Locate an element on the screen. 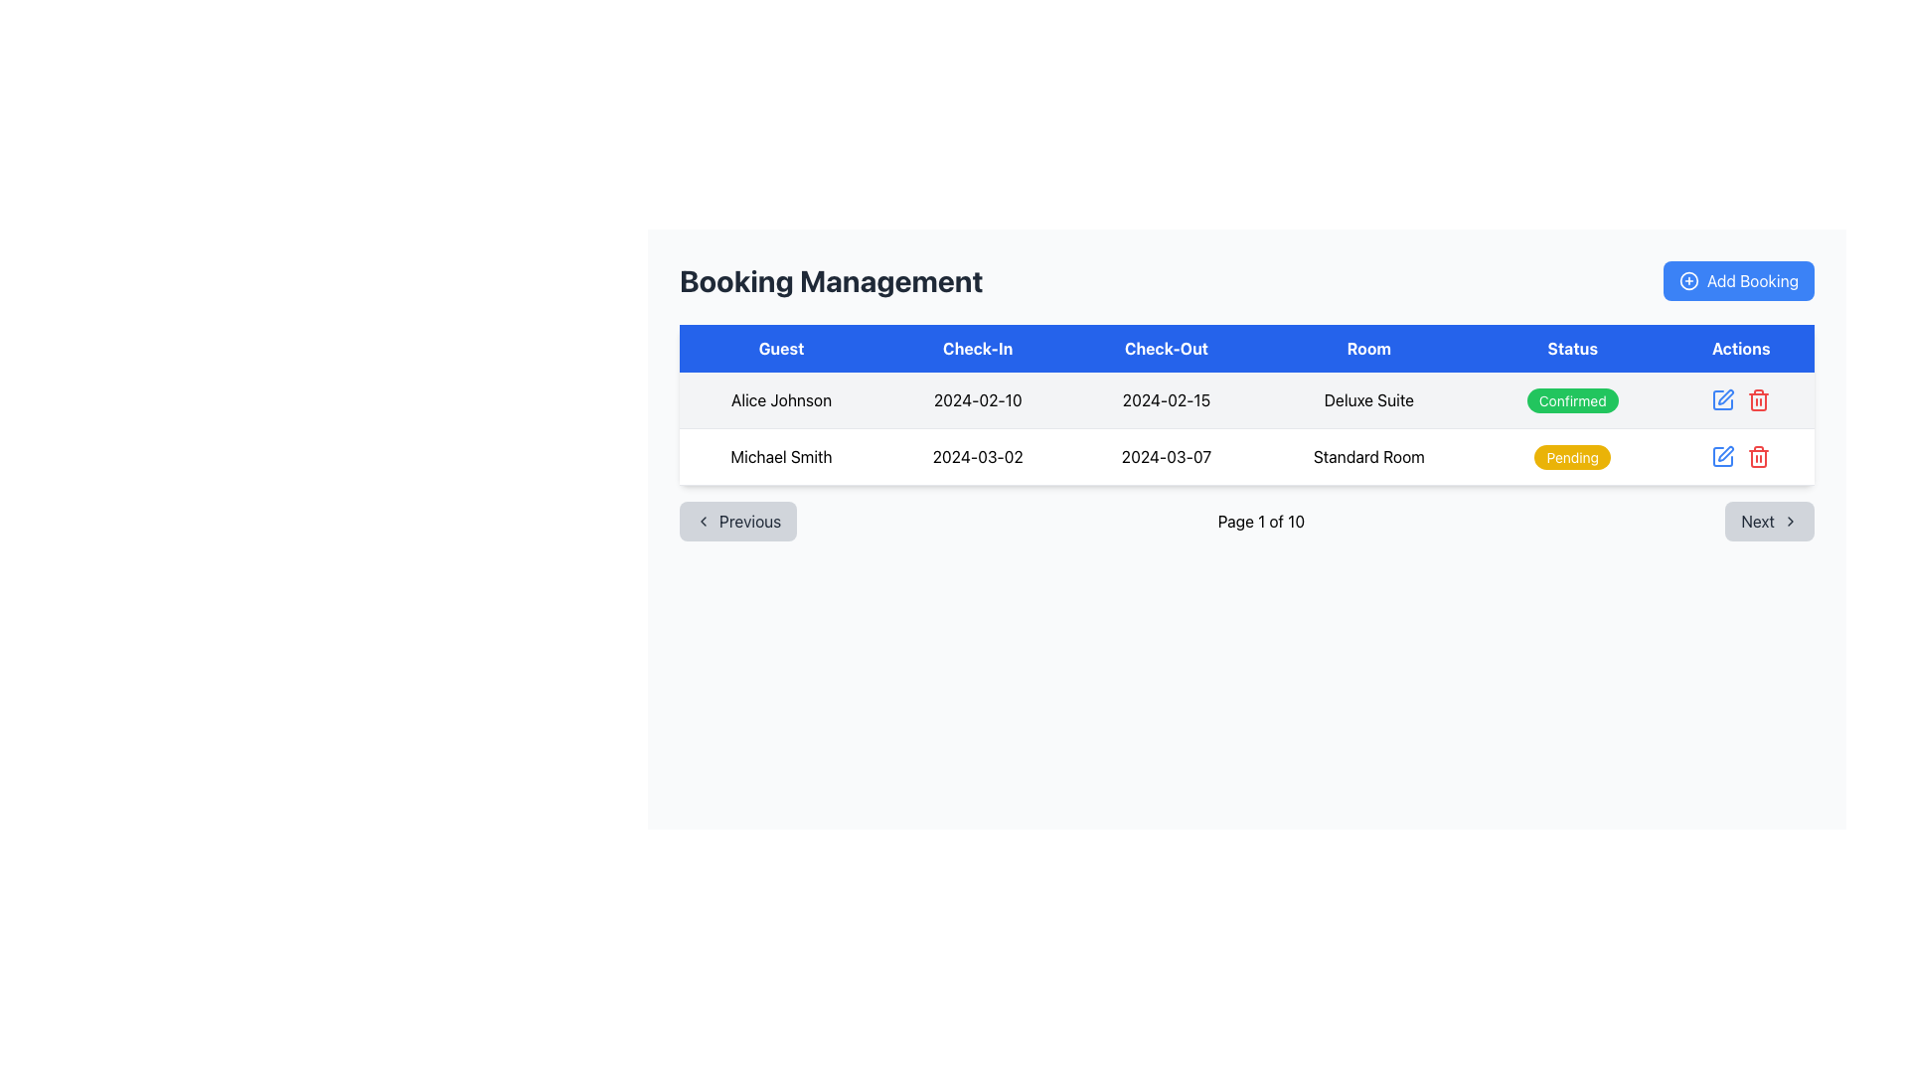  the 'Status' header label in the table, which is the fifth item among the six header labels: 'Guest', 'Check-In', 'Check-Out', 'Room', 'Status', and 'Actions' is located at coordinates (1571, 348).